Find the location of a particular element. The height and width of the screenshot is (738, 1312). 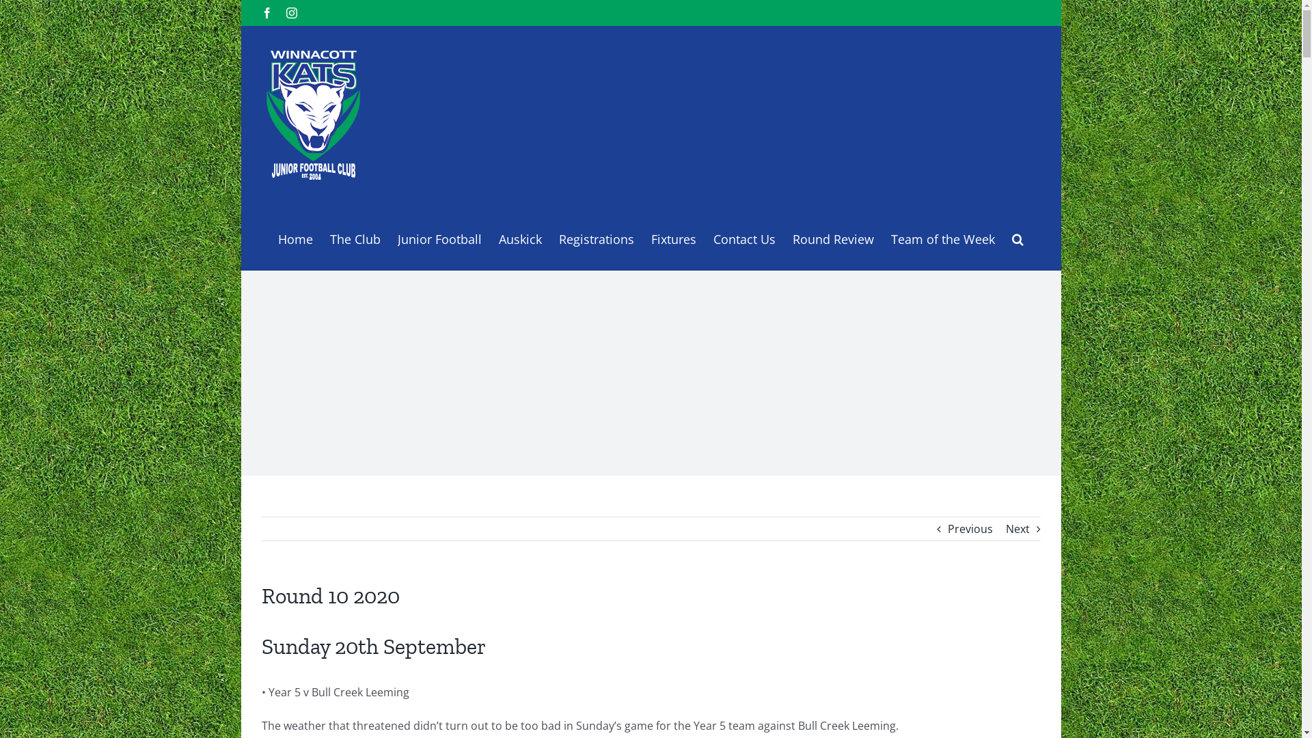

'Home' is located at coordinates (294, 236).